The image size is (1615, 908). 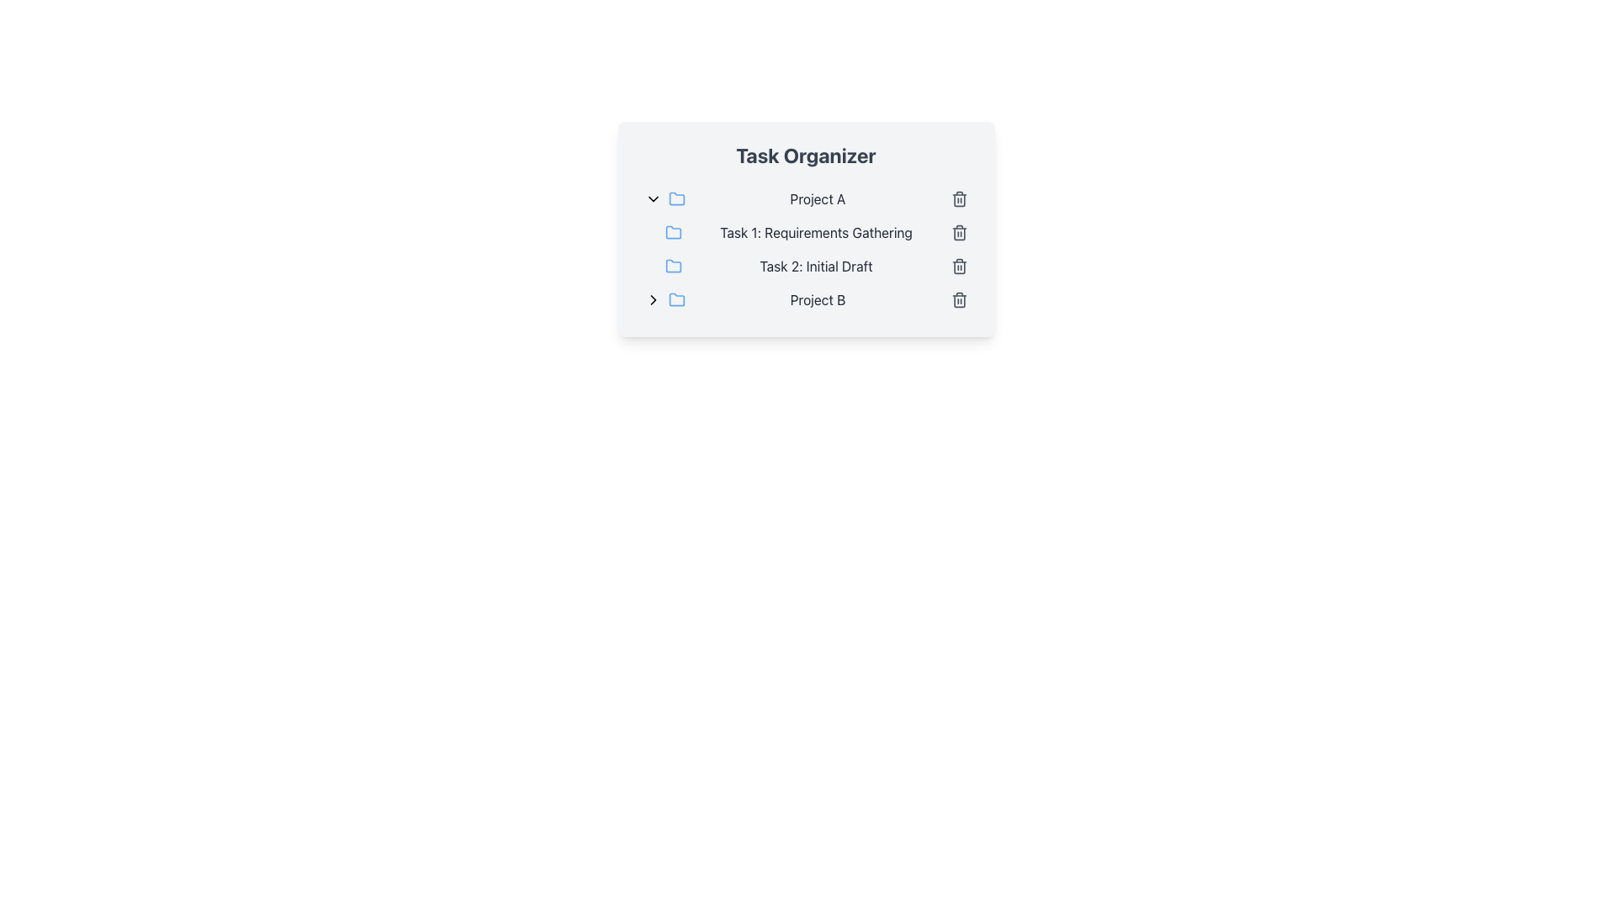 I want to click on the list item labeled 'Task 2: Initial Draft', so click(x=816, y=265).